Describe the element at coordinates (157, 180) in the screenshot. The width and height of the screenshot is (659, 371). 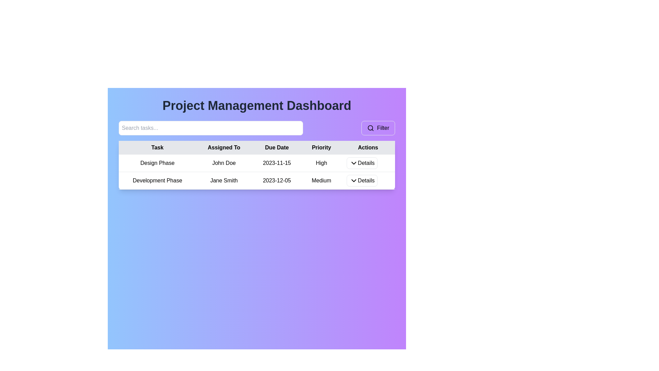
I see `the table cell` at that location.